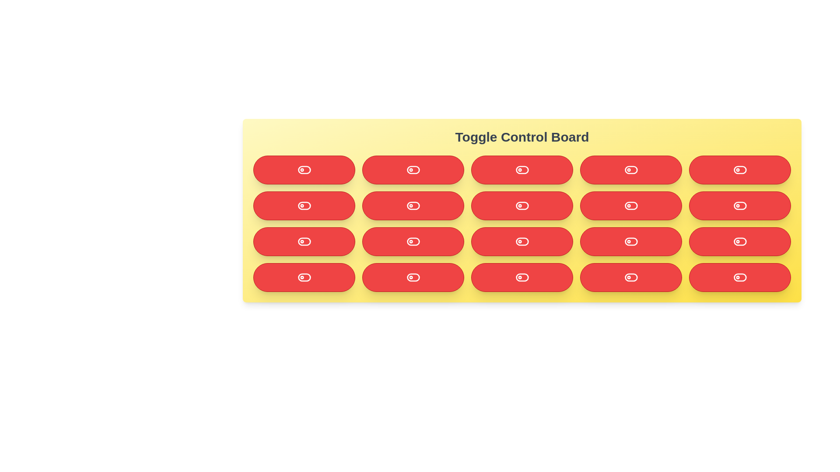 This screenshot has width=840, height=472. Describe the element at coordinates (522, 137) in the screenshot. I see `the header text 'Toggle Control Board' and copy it to the clipboard` at that location.